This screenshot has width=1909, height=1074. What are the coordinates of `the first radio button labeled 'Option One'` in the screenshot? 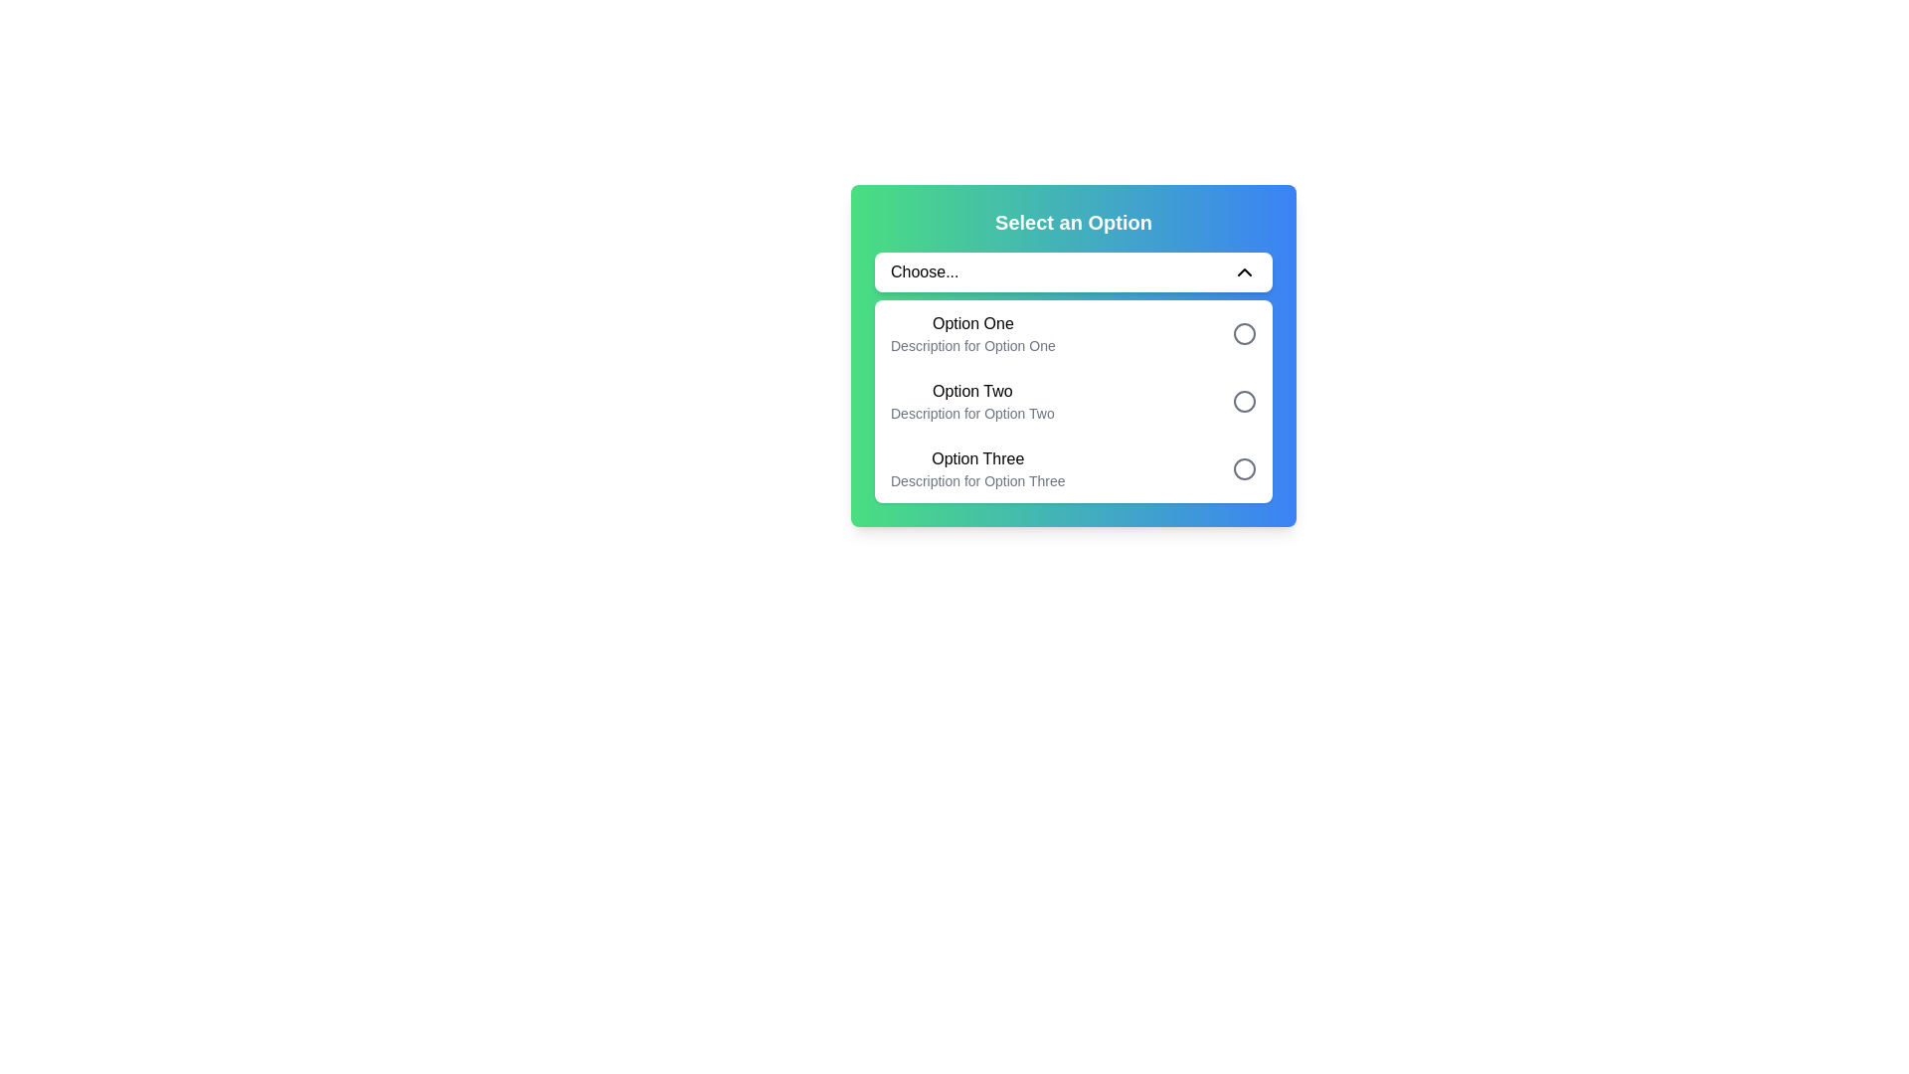 It's located at (1244, 332).